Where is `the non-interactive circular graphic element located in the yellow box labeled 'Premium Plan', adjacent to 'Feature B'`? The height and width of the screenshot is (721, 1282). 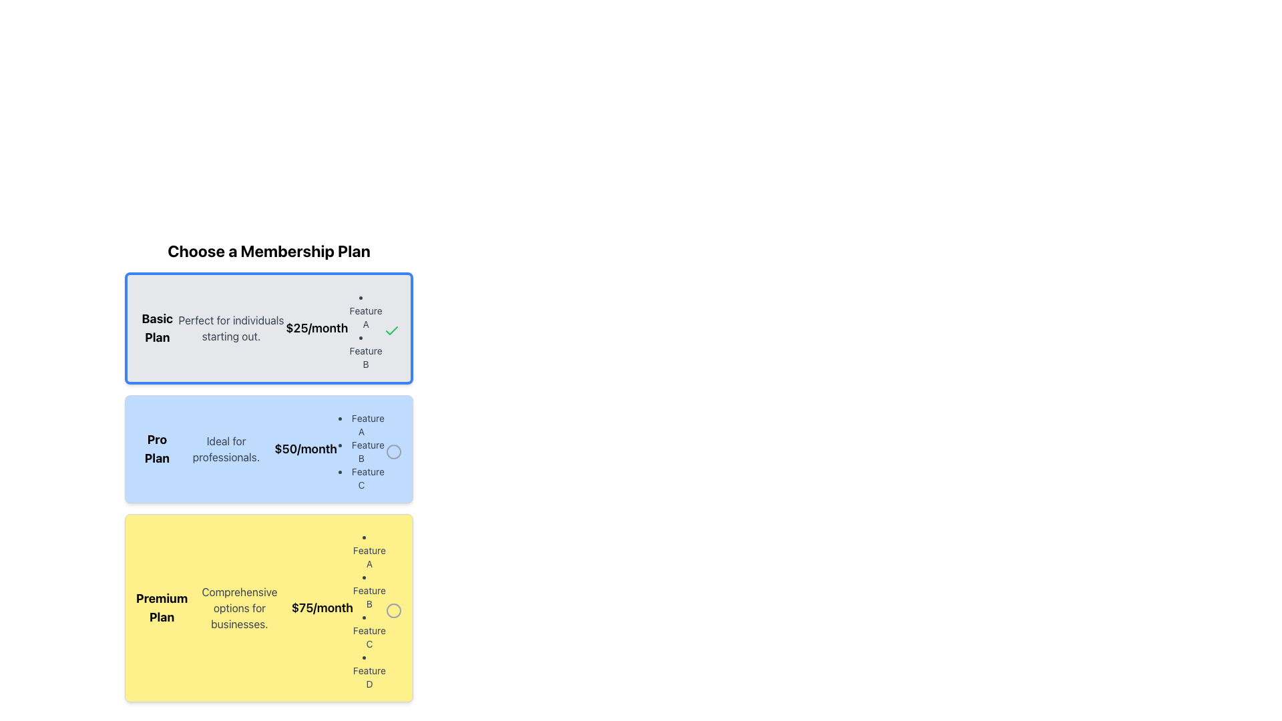 the non-interactive circular graphic element located in the yellow box labeled 'Premium Plan', adjacent to 'Feature B' is located at coordinates (393, 610).